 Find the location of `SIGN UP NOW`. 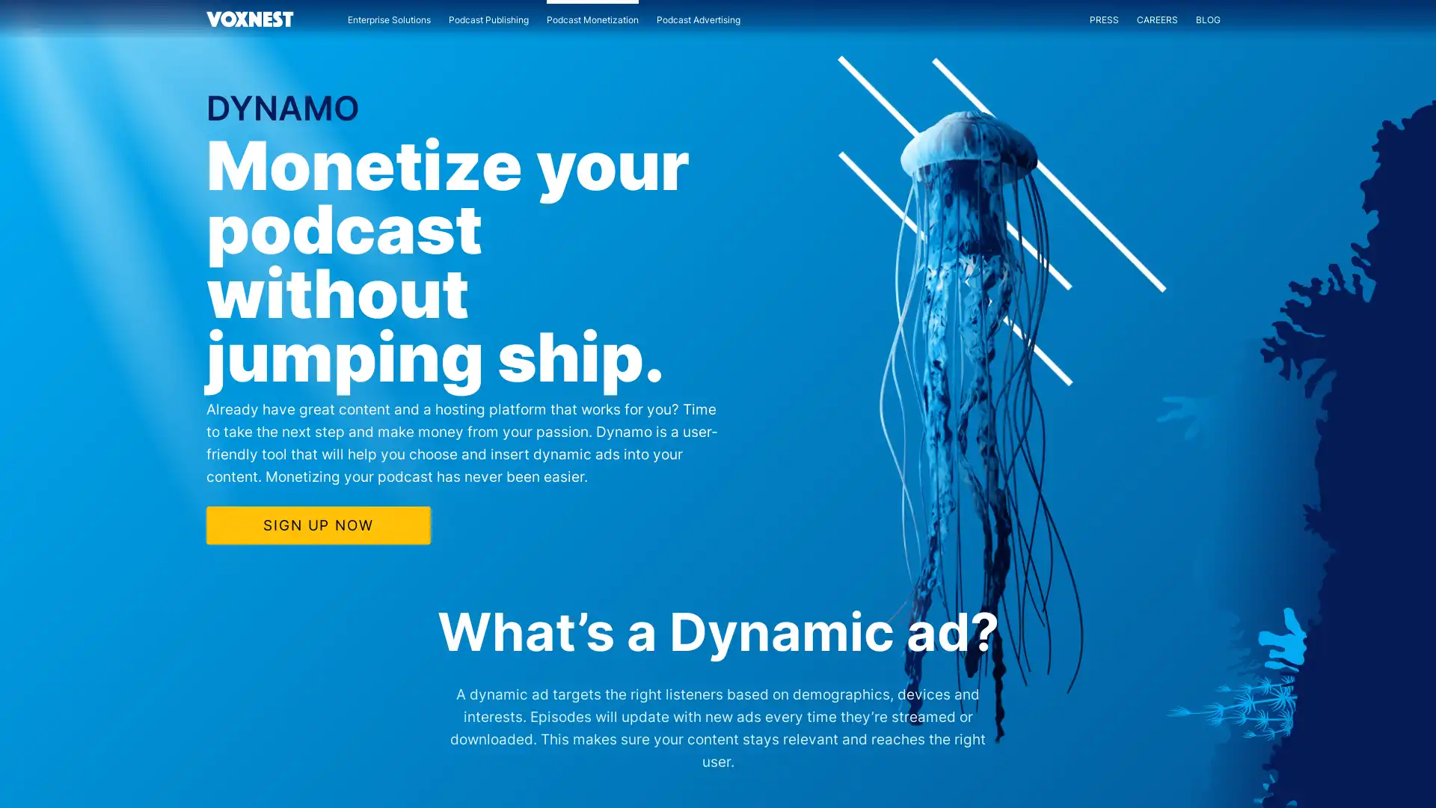

SIGN UP NOW is located at coordinates (317, 524).